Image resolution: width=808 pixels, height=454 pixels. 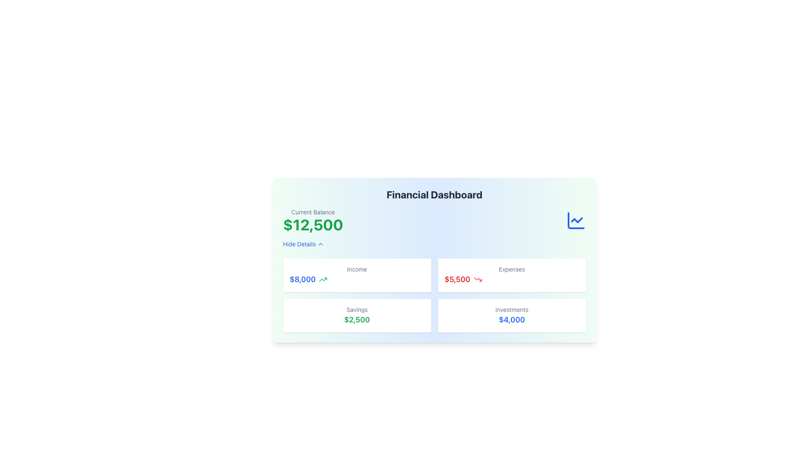 What do you see at coordinates (313, 212) in the screenshot?
I see `static text label located on the left side of the dashboard interface, positioned directly above the balance figure '$12,500'` at bounding box center [313, 212].